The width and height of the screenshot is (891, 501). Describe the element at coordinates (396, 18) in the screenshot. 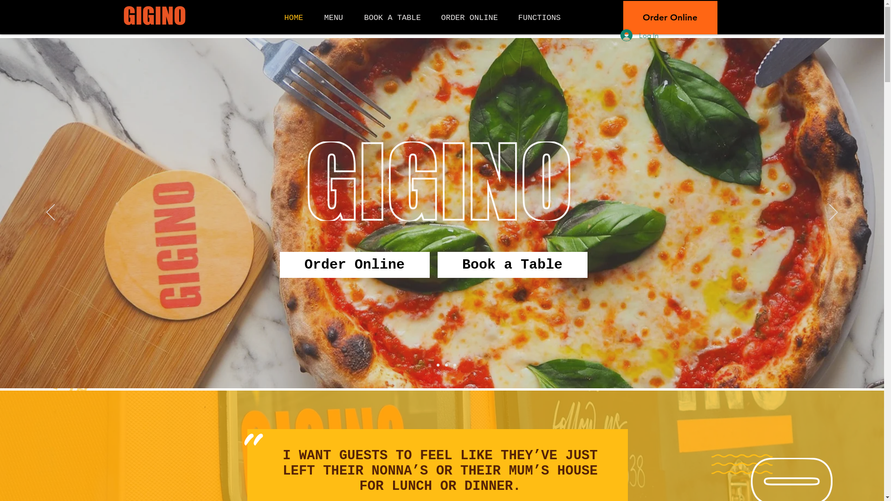

I see `'BOOK A TABLE'` at that location.